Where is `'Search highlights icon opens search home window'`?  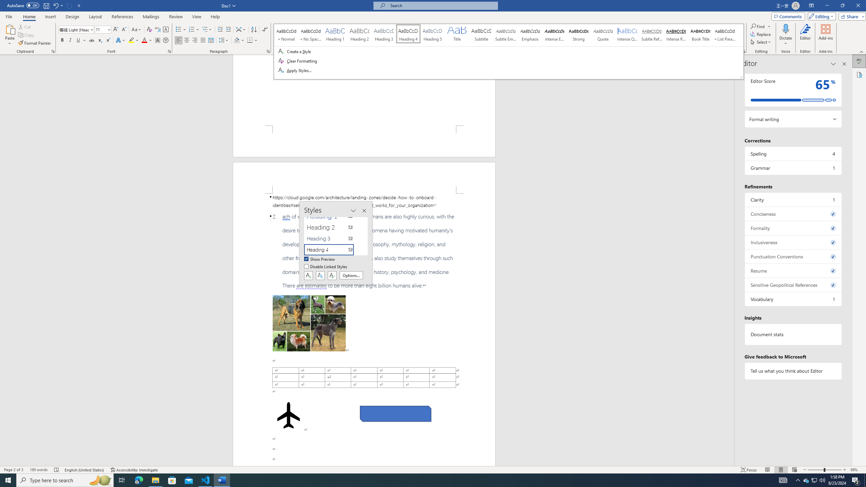
'Search highlights icon opens search home window' is located at coordinates (99, 480).